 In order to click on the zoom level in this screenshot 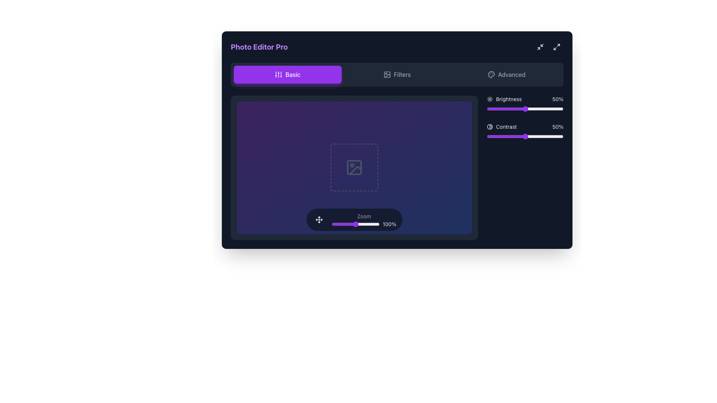, I will do `click(338, 224)`.